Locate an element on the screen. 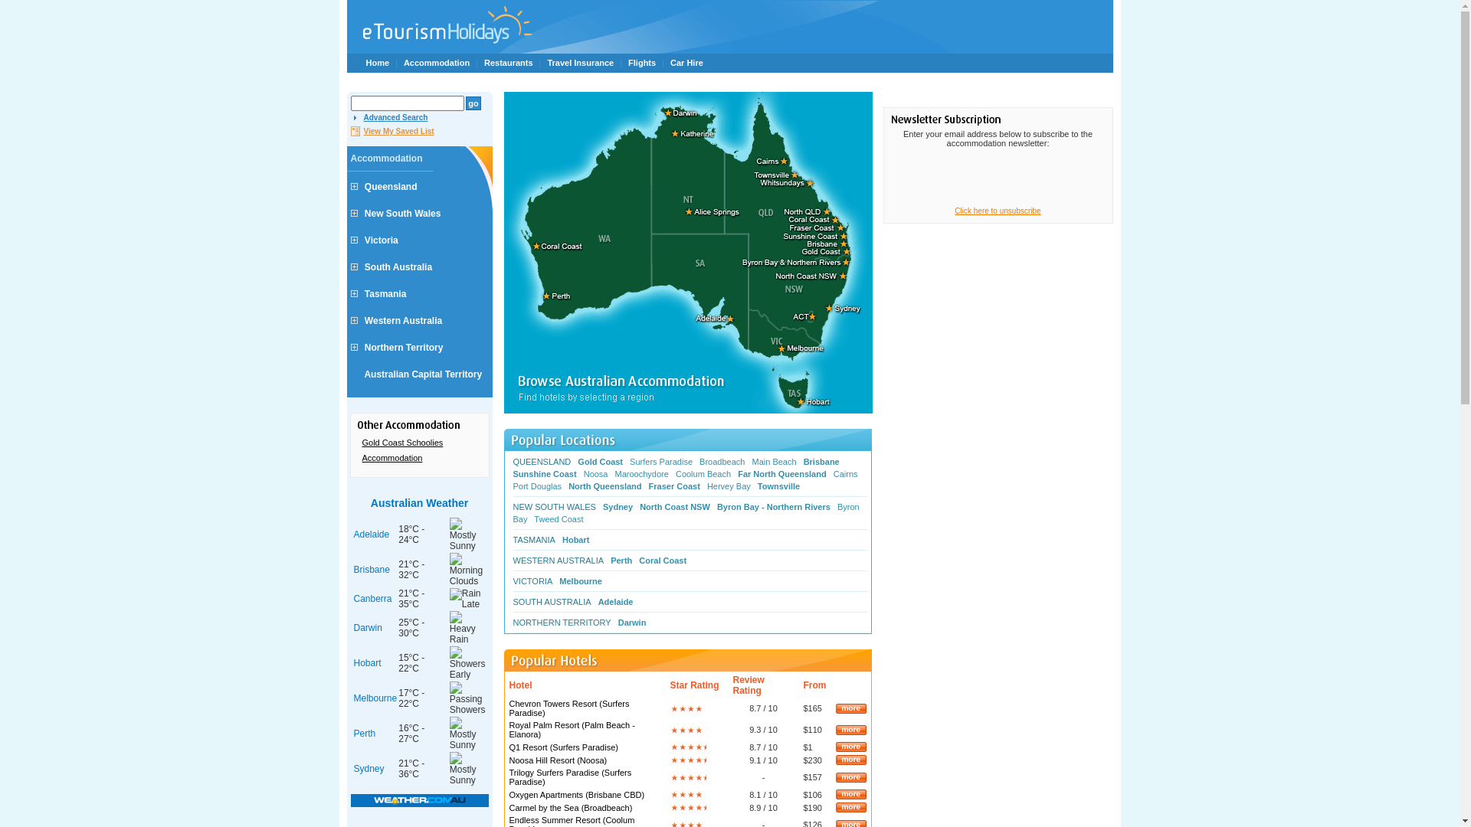 This screenshot has width=1471, height=827. 'VICTORIA' is located at coordinates (513, 581).